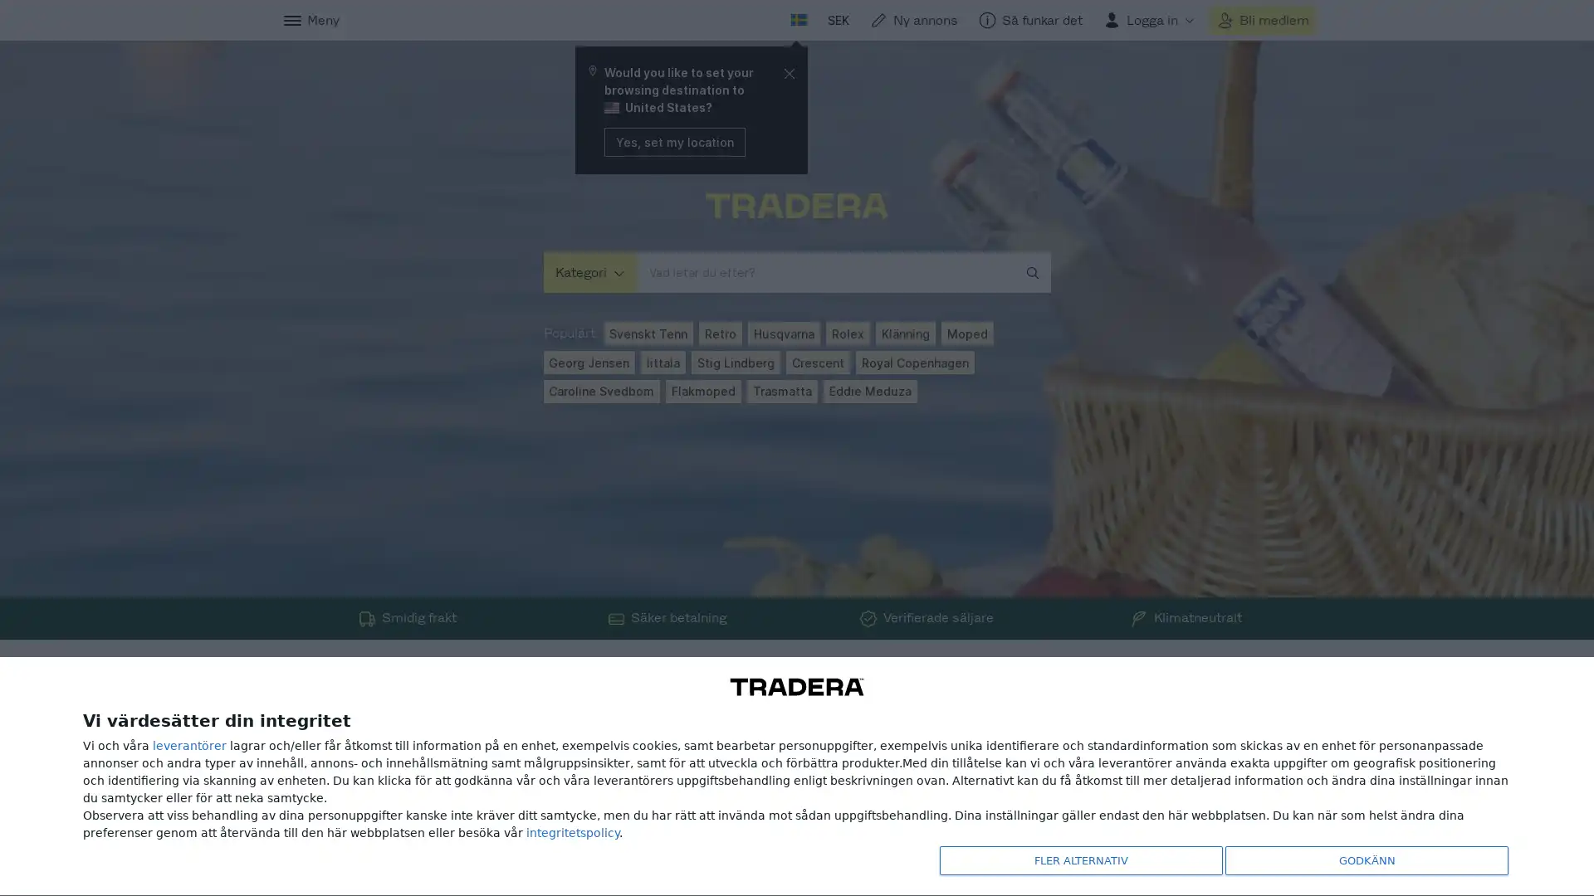  What do you see at coordinates (189, 741) in the screenshot?
I see `leverantorer` at bounding box center [189, 741].